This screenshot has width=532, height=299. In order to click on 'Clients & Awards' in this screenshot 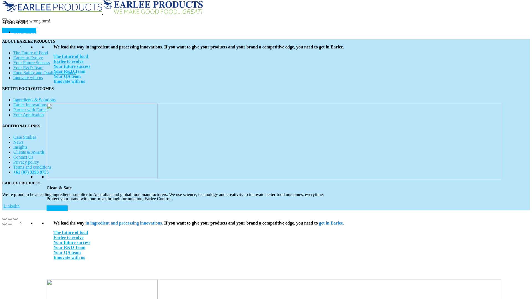, I will do `click(29, 152)`.